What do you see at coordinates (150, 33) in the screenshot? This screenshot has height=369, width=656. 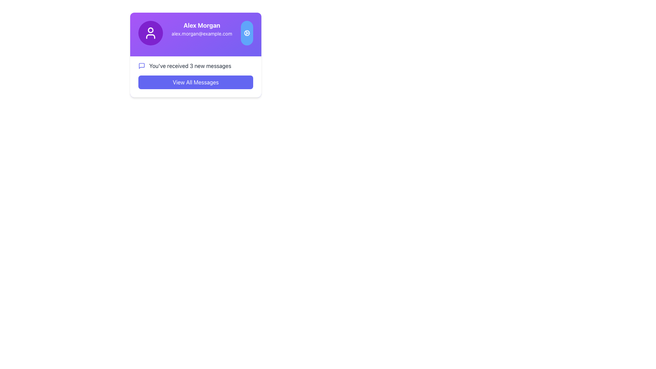 I see `the circular purple Icon Display Component with a white user icon in its center, located to the left of the text 'Alex Morgan' and 'alex.morgan@example.com'` at bounding box center [150, 33].